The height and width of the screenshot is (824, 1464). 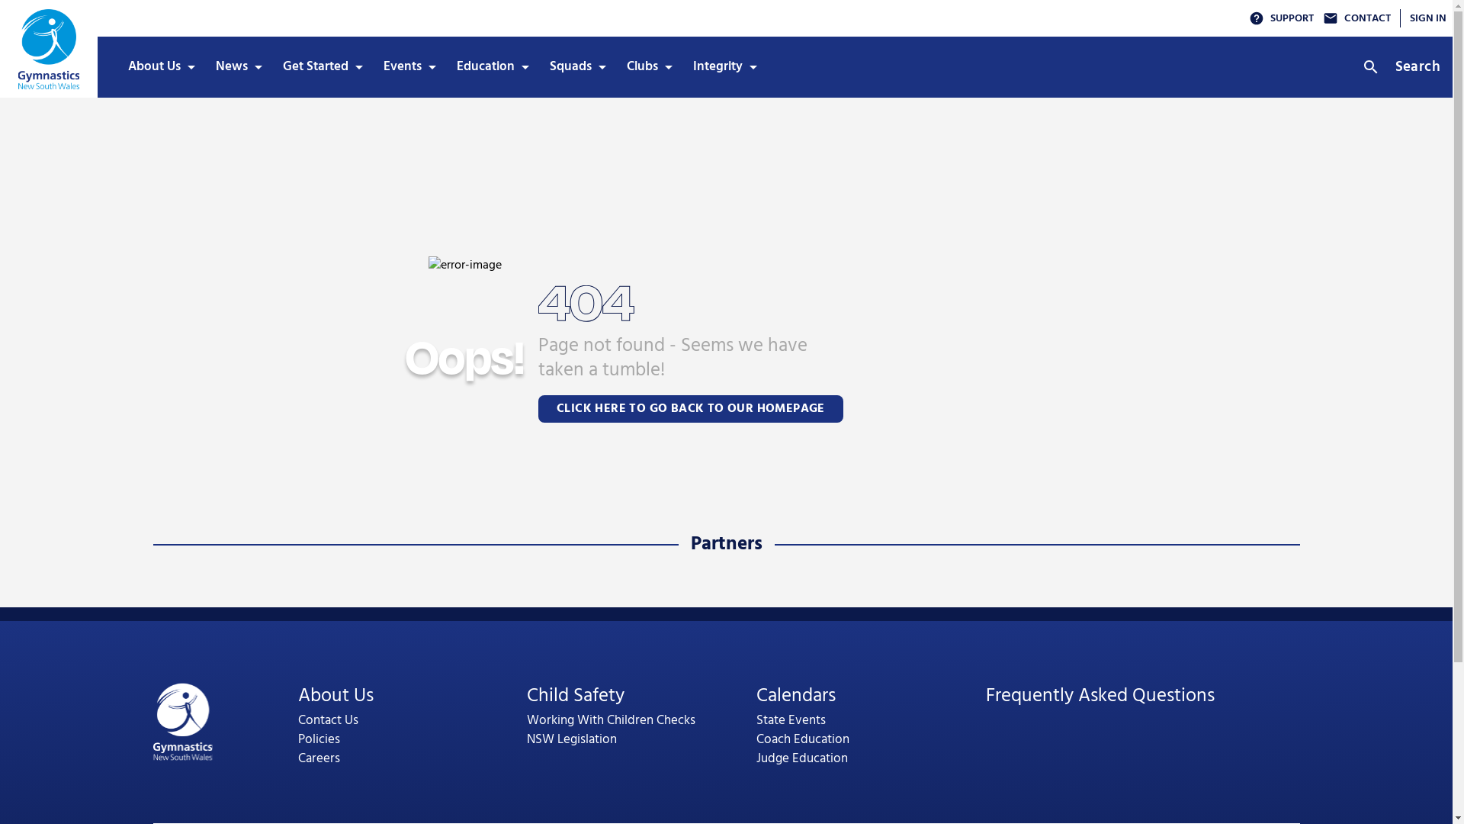 What do you see at coordinates (801, 739) in the screenshot?
I see `'Coach Education'` at bounding box center [801, 739].